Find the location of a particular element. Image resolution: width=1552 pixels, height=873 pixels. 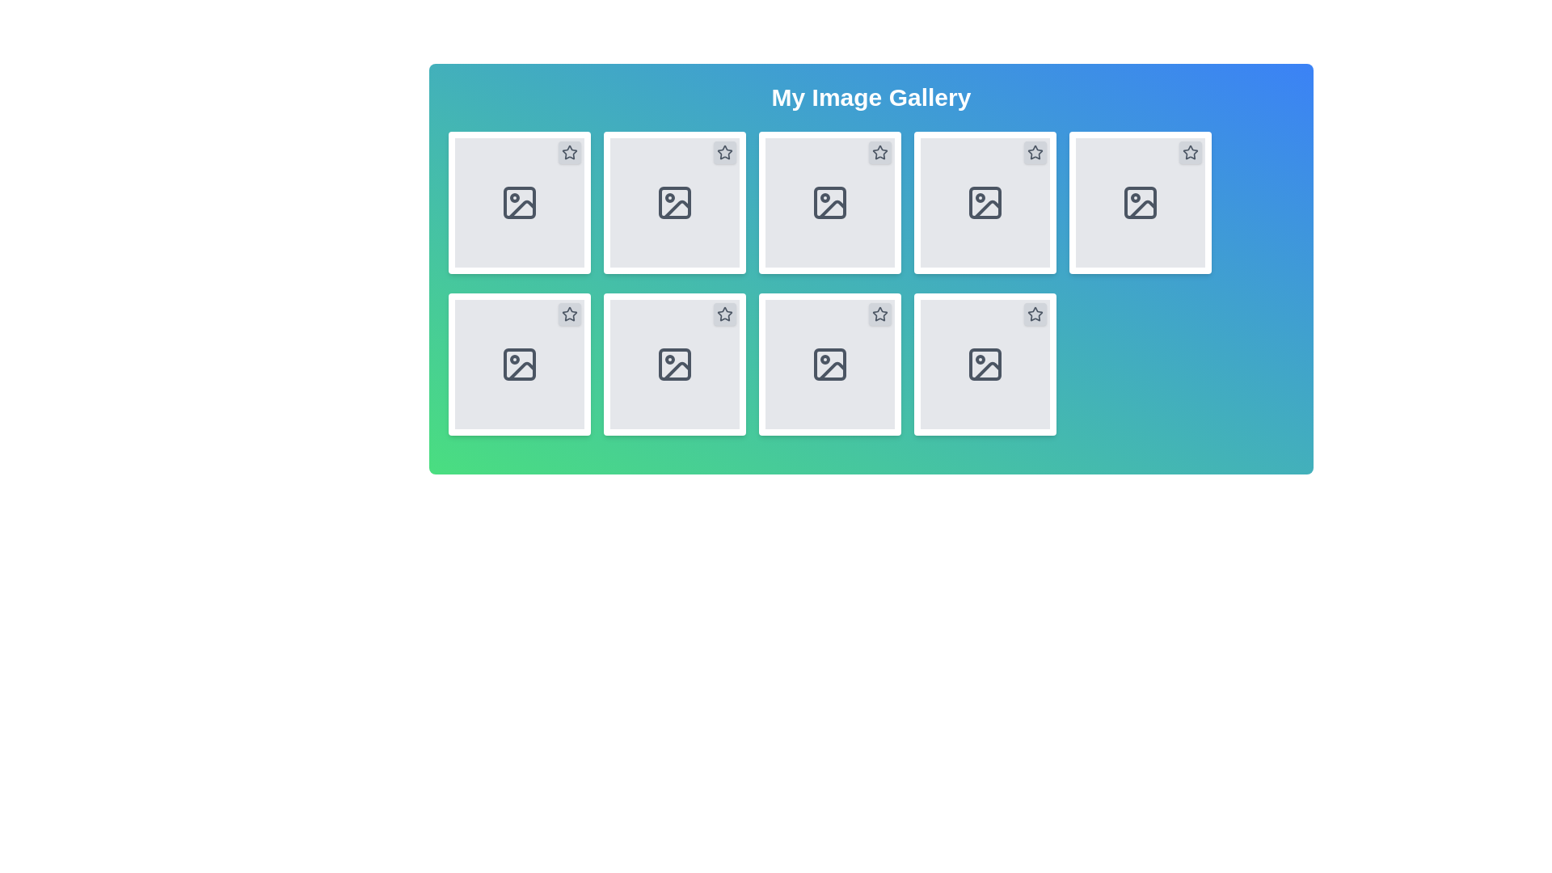

the decorative rectangle within the SVG icon located at the bottom-right of a 3x3 grid layout is located at coordinates (985, 365).